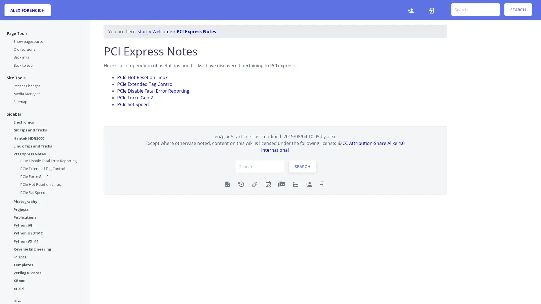 Image resolution: width=541 pixels, height=304 pixels. What do you see at coordinates (302, 166) in the screenshot?
I see `SEARCH` at bounding box center [302, 166].